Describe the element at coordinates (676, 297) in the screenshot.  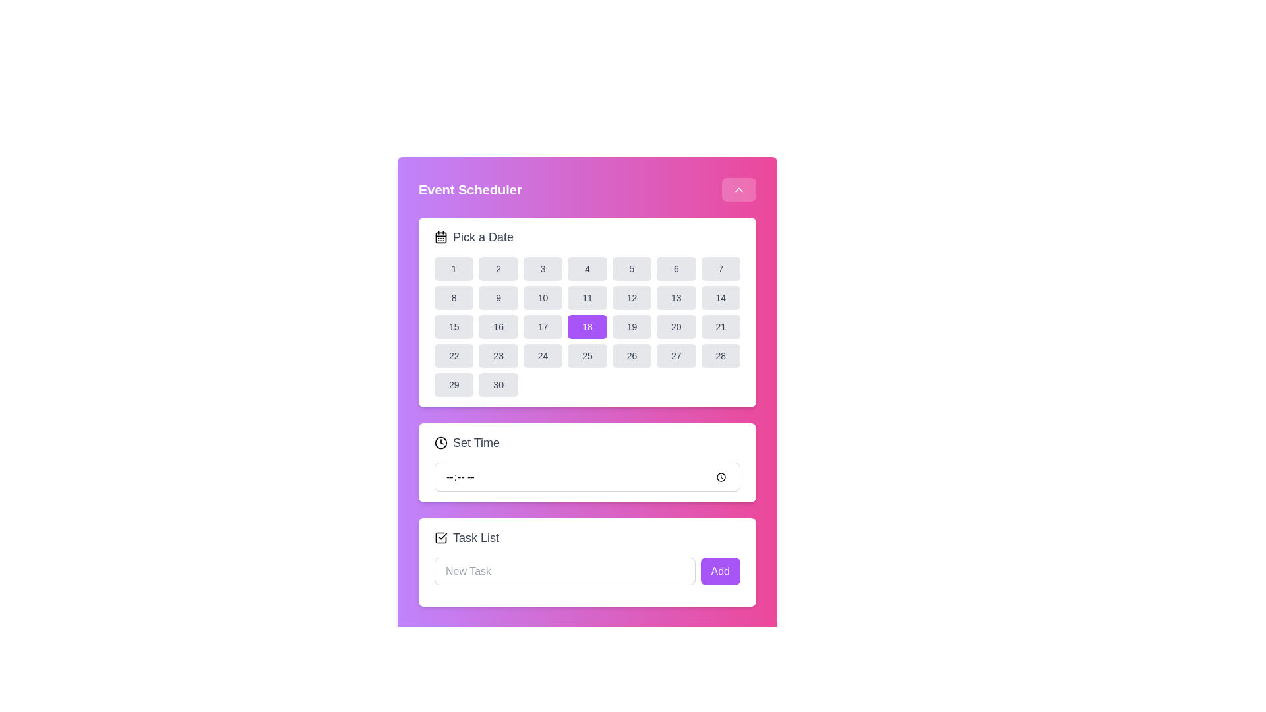
I see `the selectable date button representing '13' in the calendar interface of the 'Event Scheduler' application` at that location.